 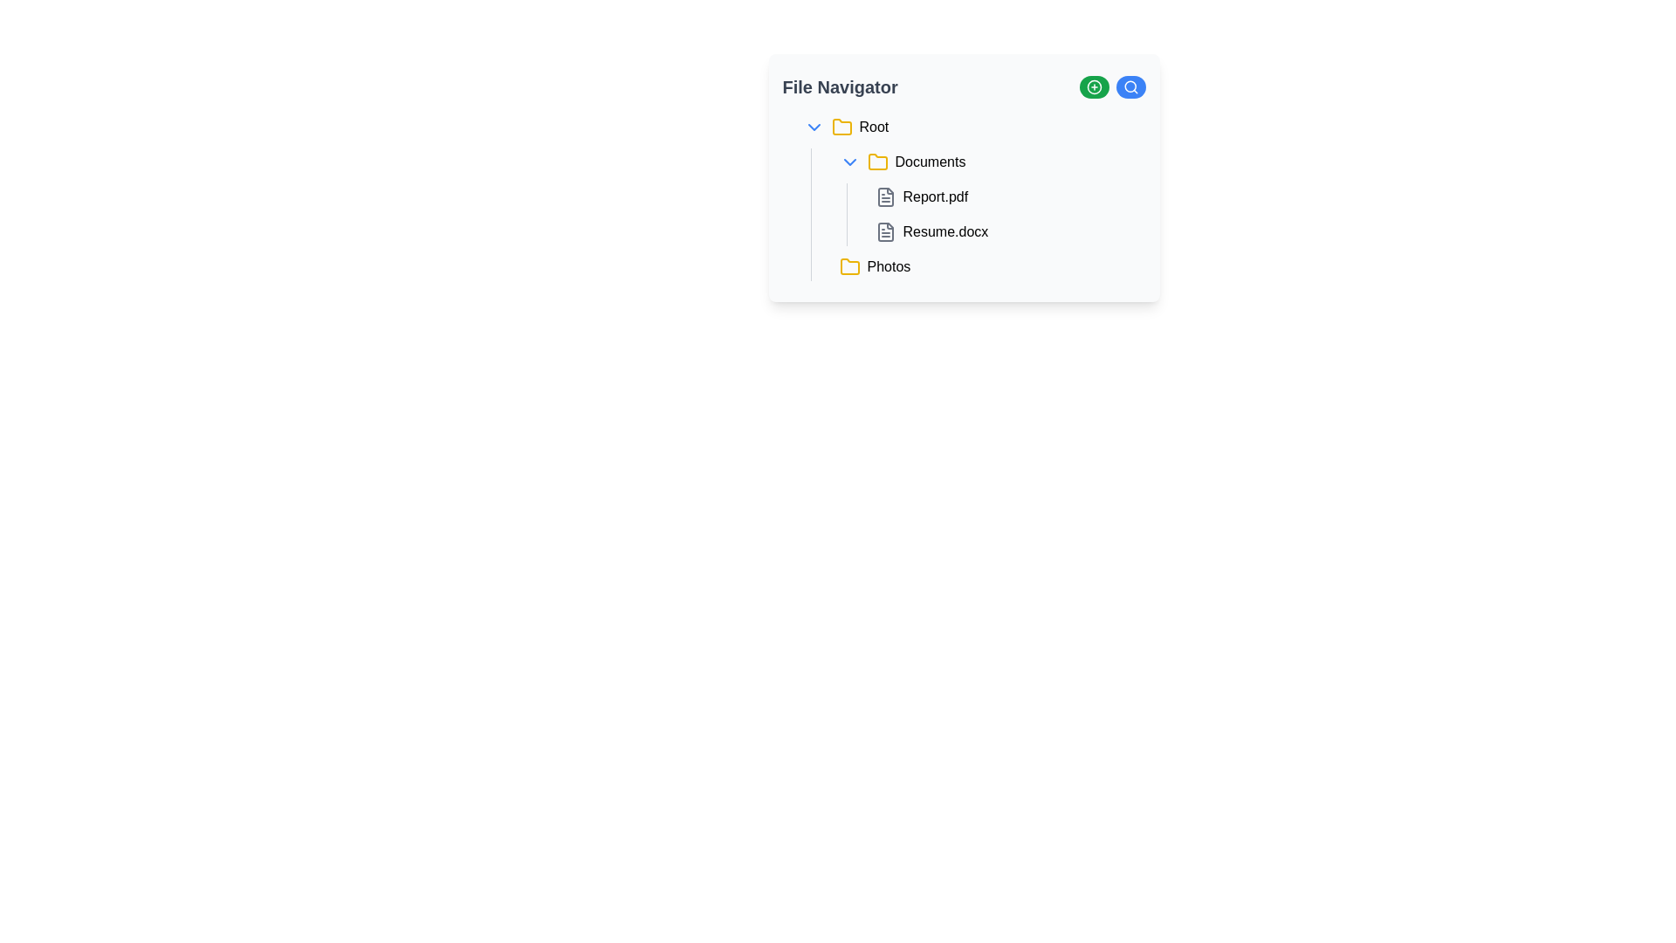 What do you see at coordinates (841, 127) in the screenshot?
I see `the folder icon representing the 'Root' directory in the file navigation system` at bounding box center [841, 127].